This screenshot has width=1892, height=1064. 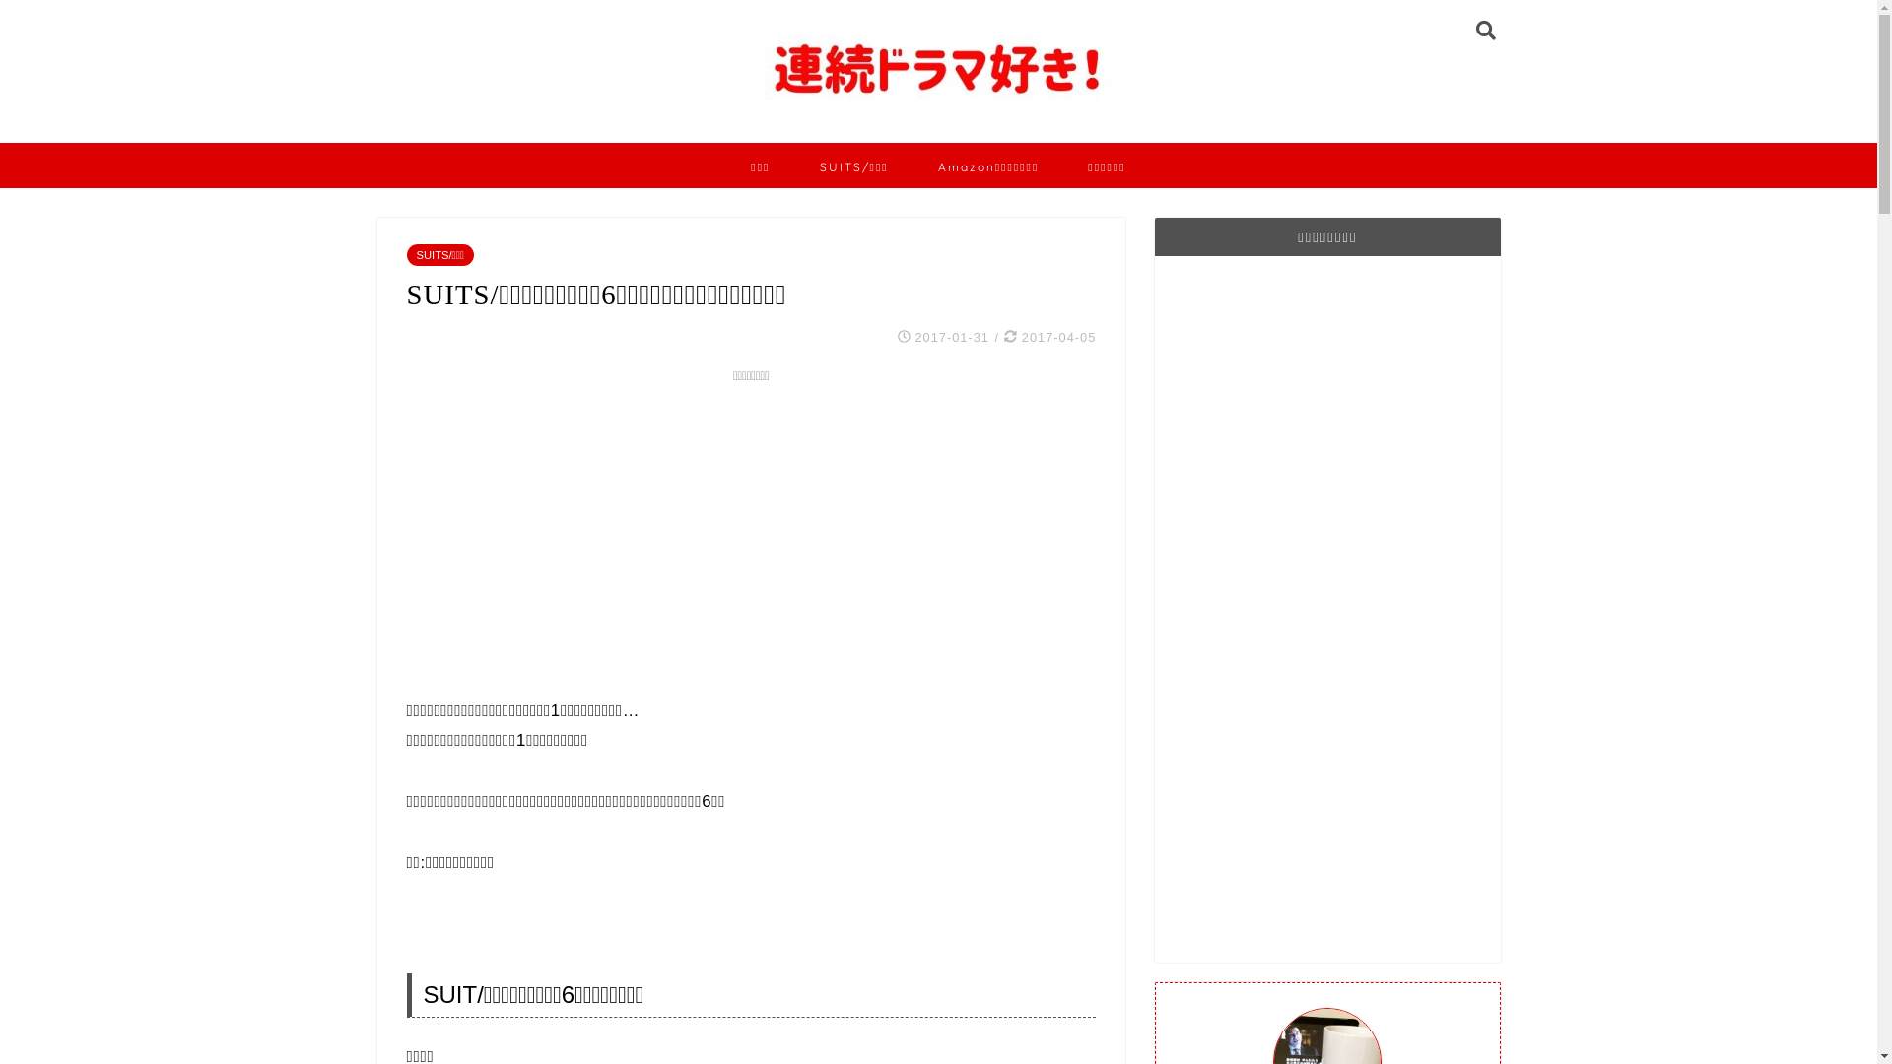 What do you see at coordinates (1182, 607) in the screenshot?
I see `'Advertisement'` at bounding box center [1182, 607].